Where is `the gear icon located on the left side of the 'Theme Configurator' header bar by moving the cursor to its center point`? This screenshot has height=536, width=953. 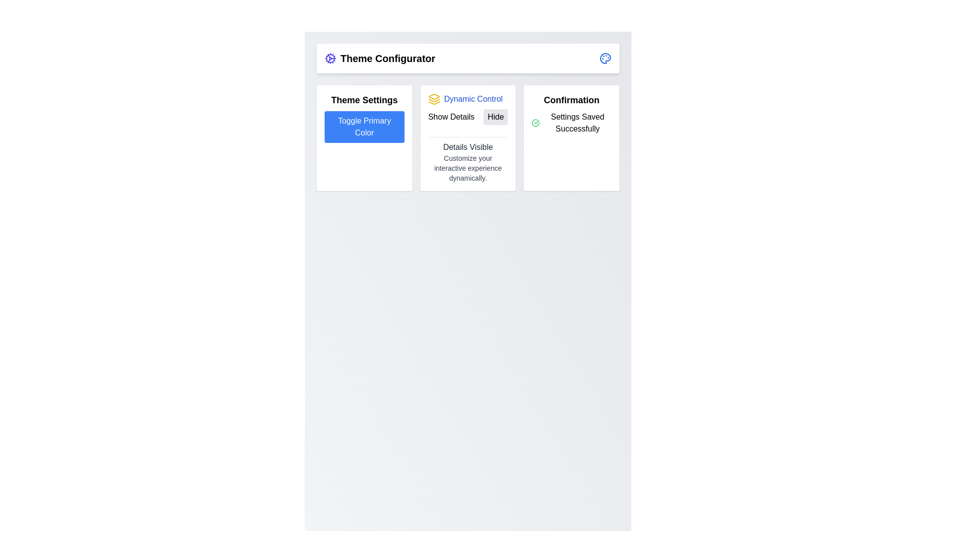 the gear icon located on the left side of the 'Theme Configurator' header bar by moving the cursor to its center point is located at coordinates (467, 59).